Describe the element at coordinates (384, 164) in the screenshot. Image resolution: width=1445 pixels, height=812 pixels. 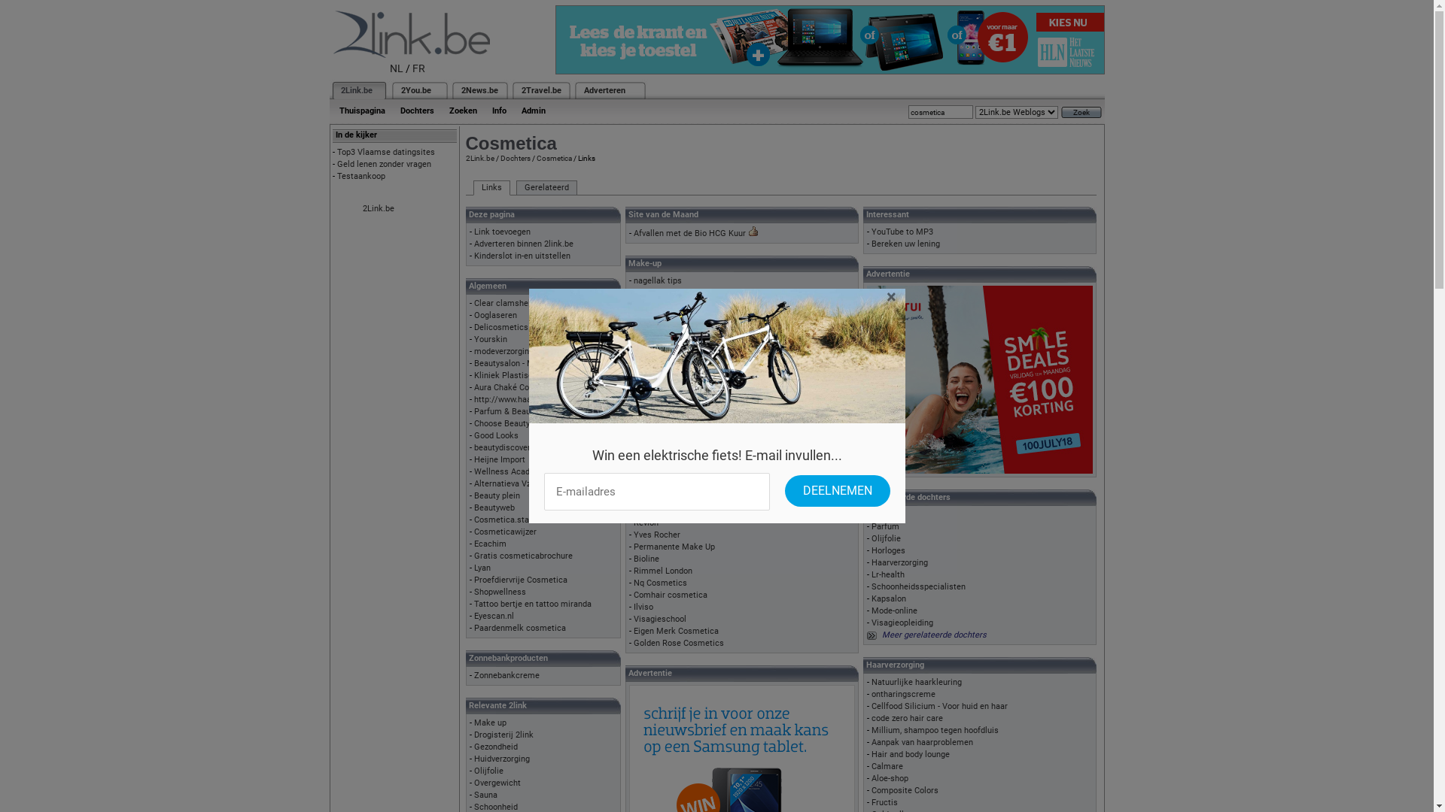
I see `'Geld lenen zonder vragen'` at that location.